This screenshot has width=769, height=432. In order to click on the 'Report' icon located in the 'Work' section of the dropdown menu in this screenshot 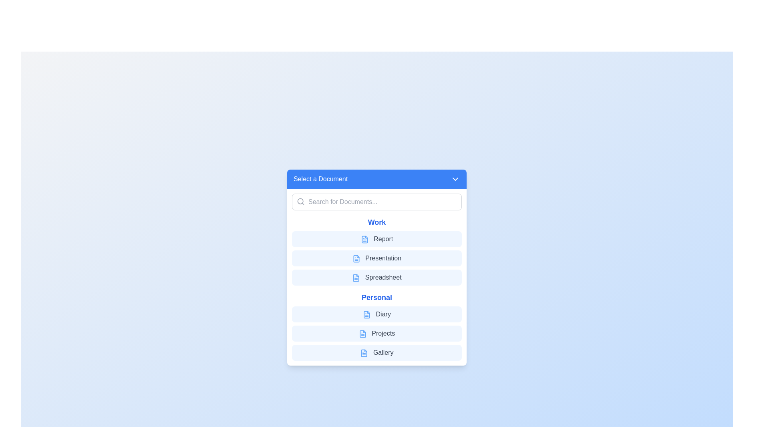, I will do `click(364, 239)`.